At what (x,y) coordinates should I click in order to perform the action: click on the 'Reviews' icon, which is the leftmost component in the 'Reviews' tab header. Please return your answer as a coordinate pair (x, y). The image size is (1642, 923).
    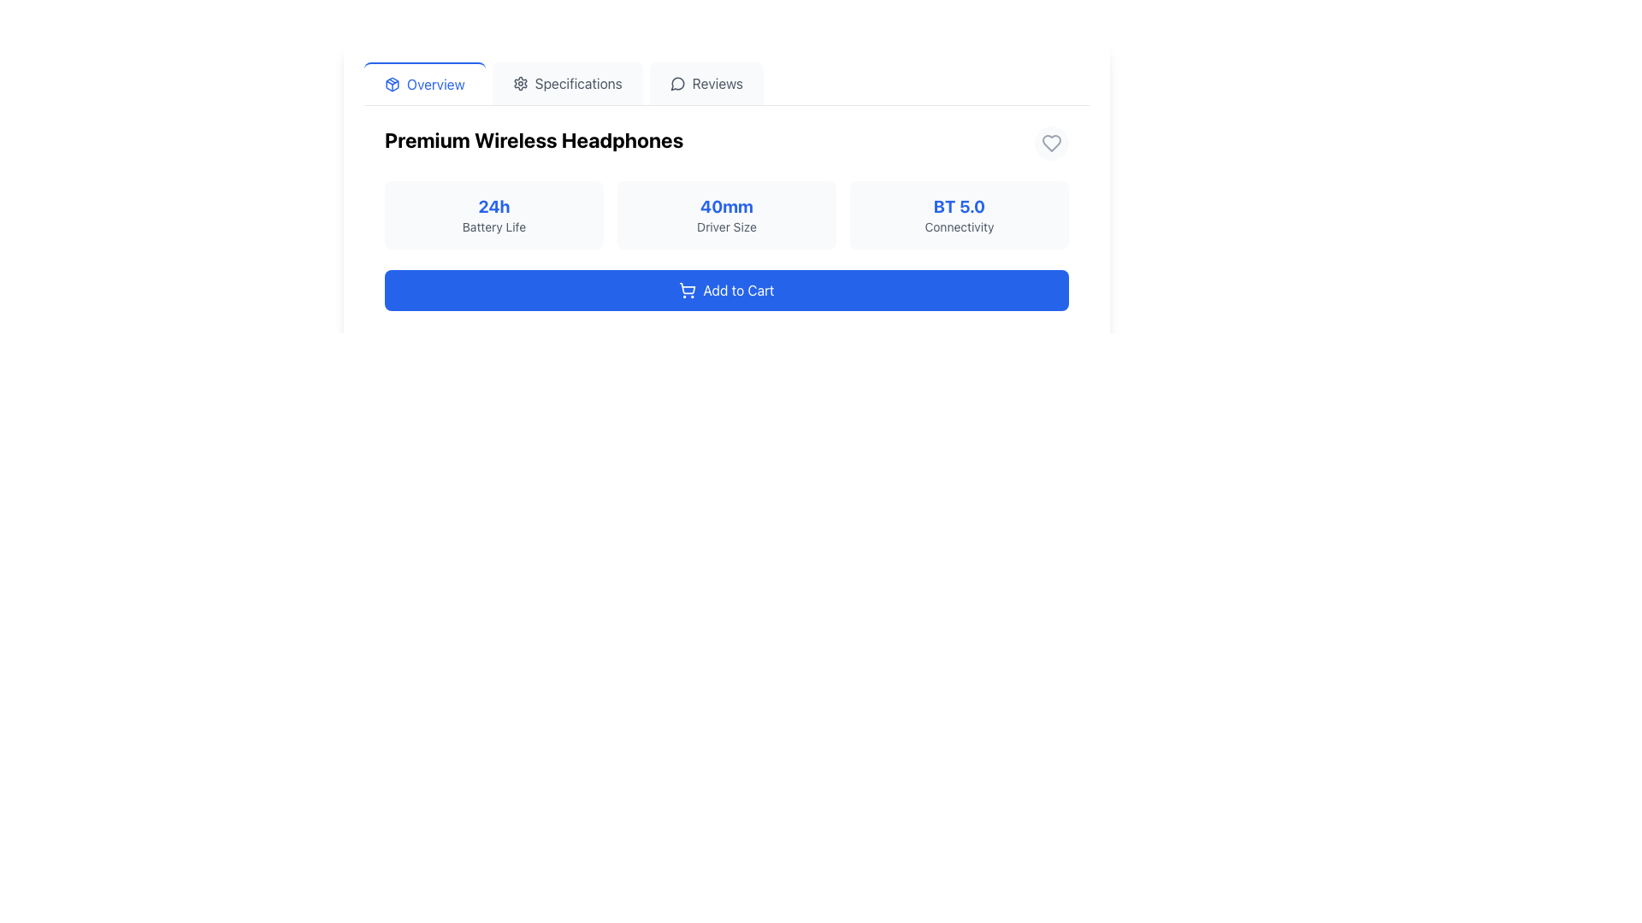
    Looking at the image, I should click on (676, 83).